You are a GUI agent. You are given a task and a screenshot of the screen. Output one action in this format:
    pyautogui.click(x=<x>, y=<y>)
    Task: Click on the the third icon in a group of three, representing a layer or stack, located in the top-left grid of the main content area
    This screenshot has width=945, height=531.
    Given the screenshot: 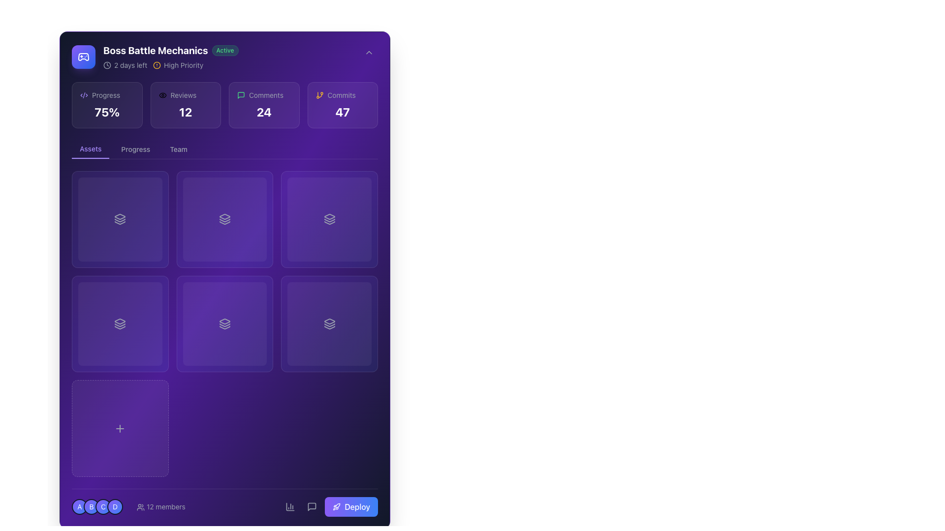 What is the action you would take?
    pyautogui.click(x=120, y=223)
    